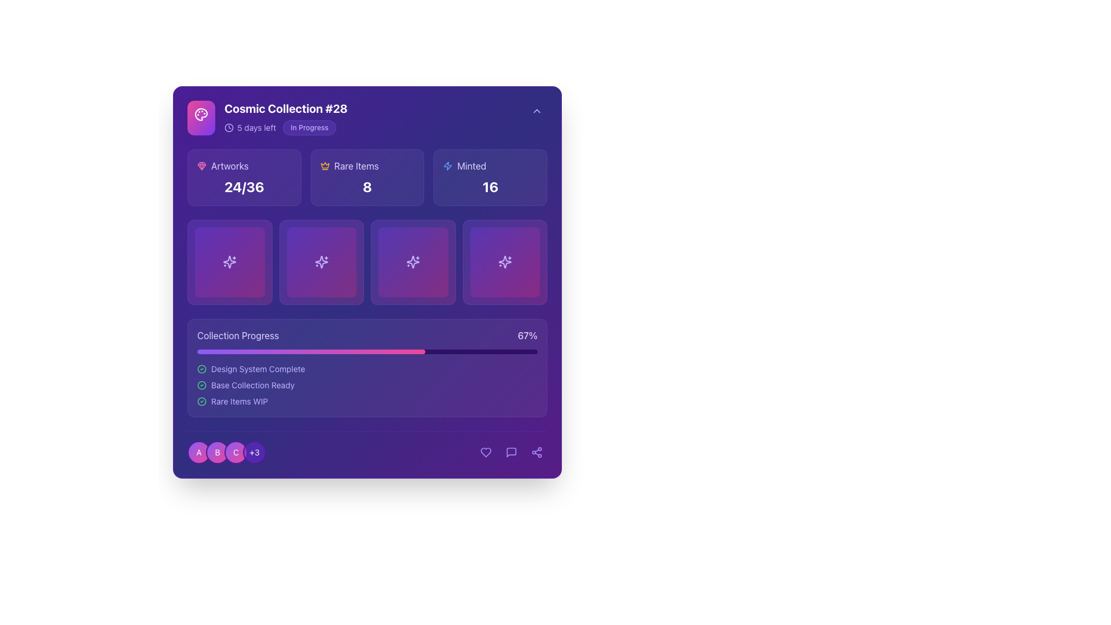 This screenshot has height=625, width=1111. I want to click on the circular violet clock icon located in the '5 days left' section, positioned to the left of the text, so click(229, 127).